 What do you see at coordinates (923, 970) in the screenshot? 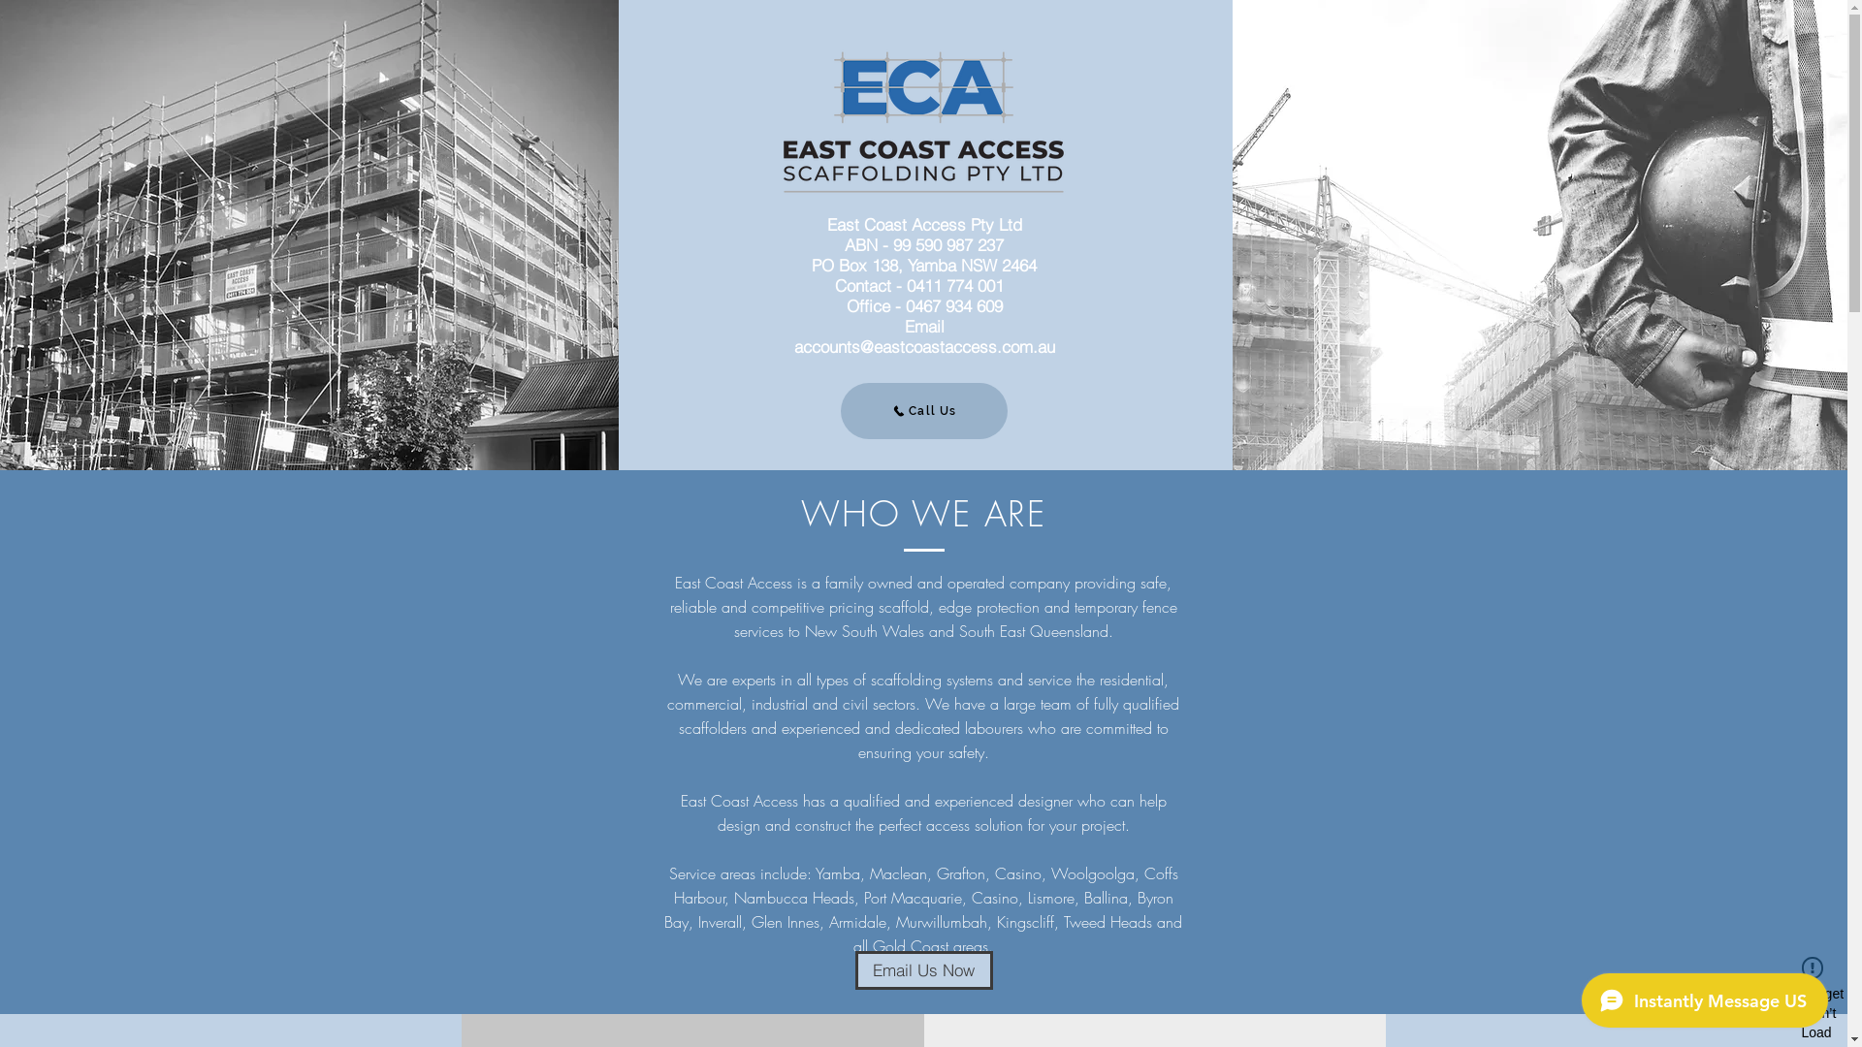
I see `'Email Us Now'` at bounding box center [923, 970].